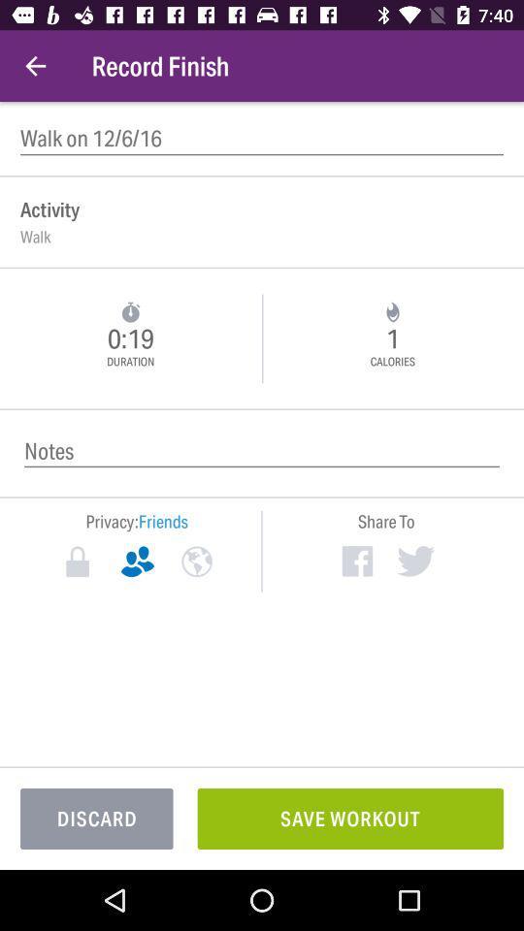 The width and height of the screenshot is (524, 931). What do you see at coordinates (414, 561) in the screenshot?
I see `the twitter icon` at bounding box center [414, 561].